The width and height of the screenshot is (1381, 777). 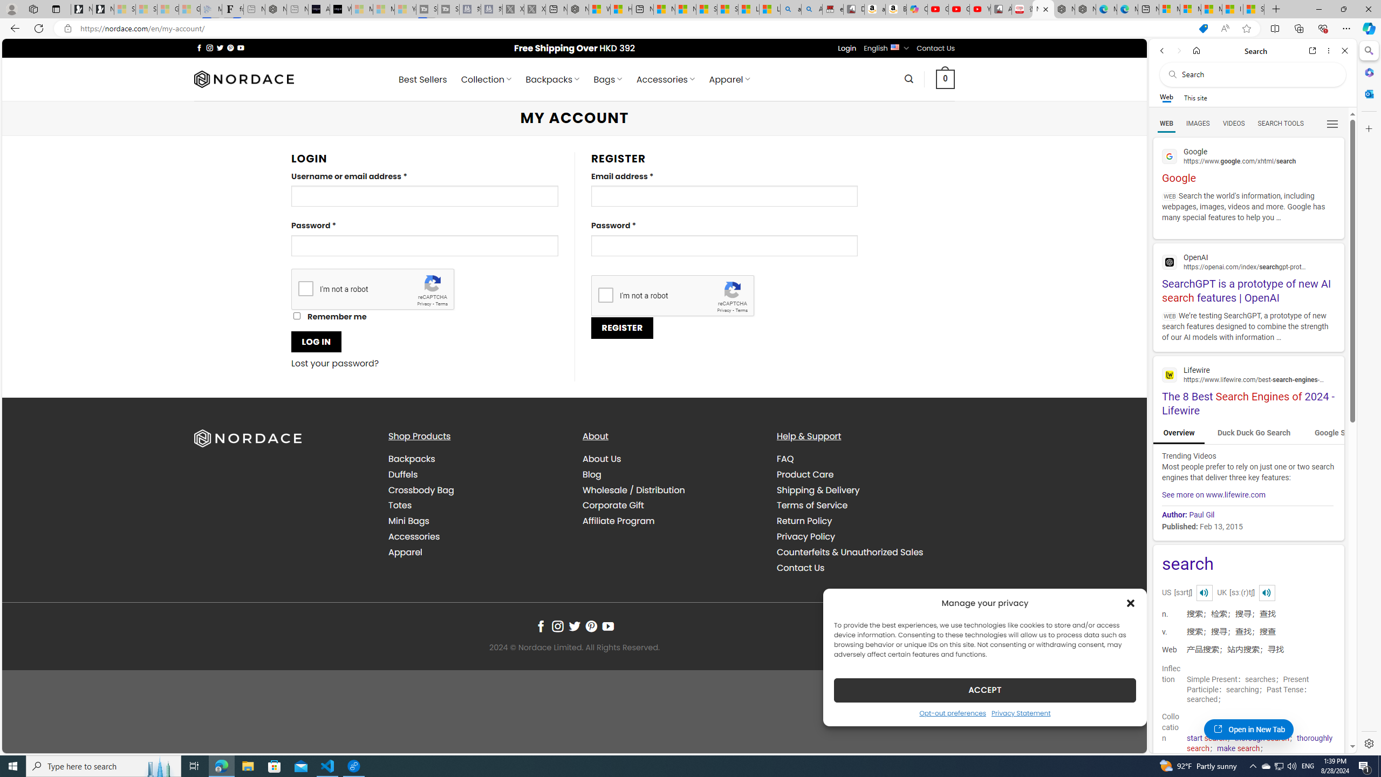 I want to click on 'Opt-out preferences', so click(x=952, y=712).